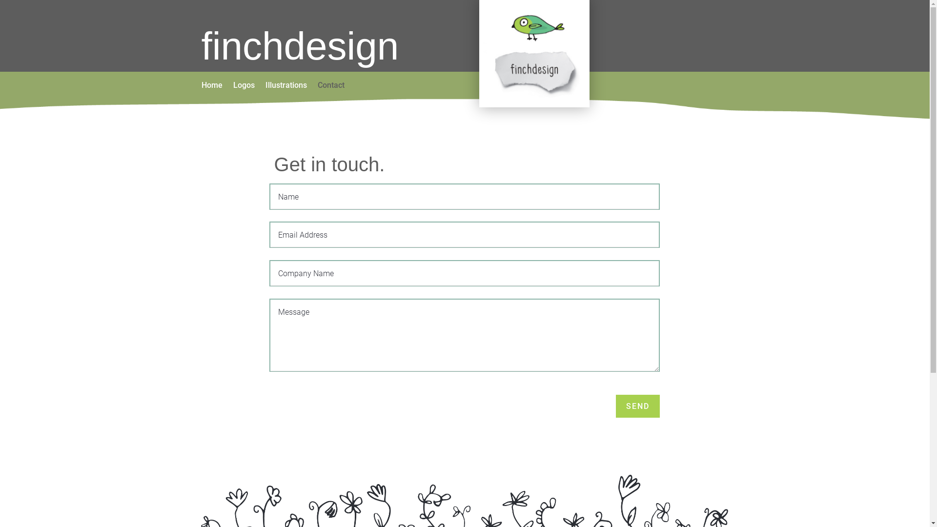 The width and height of the screenshot is (937, 527). Describe the element at coordinates (244, 86) in the screenshot. I see `'Logos'` at that location.